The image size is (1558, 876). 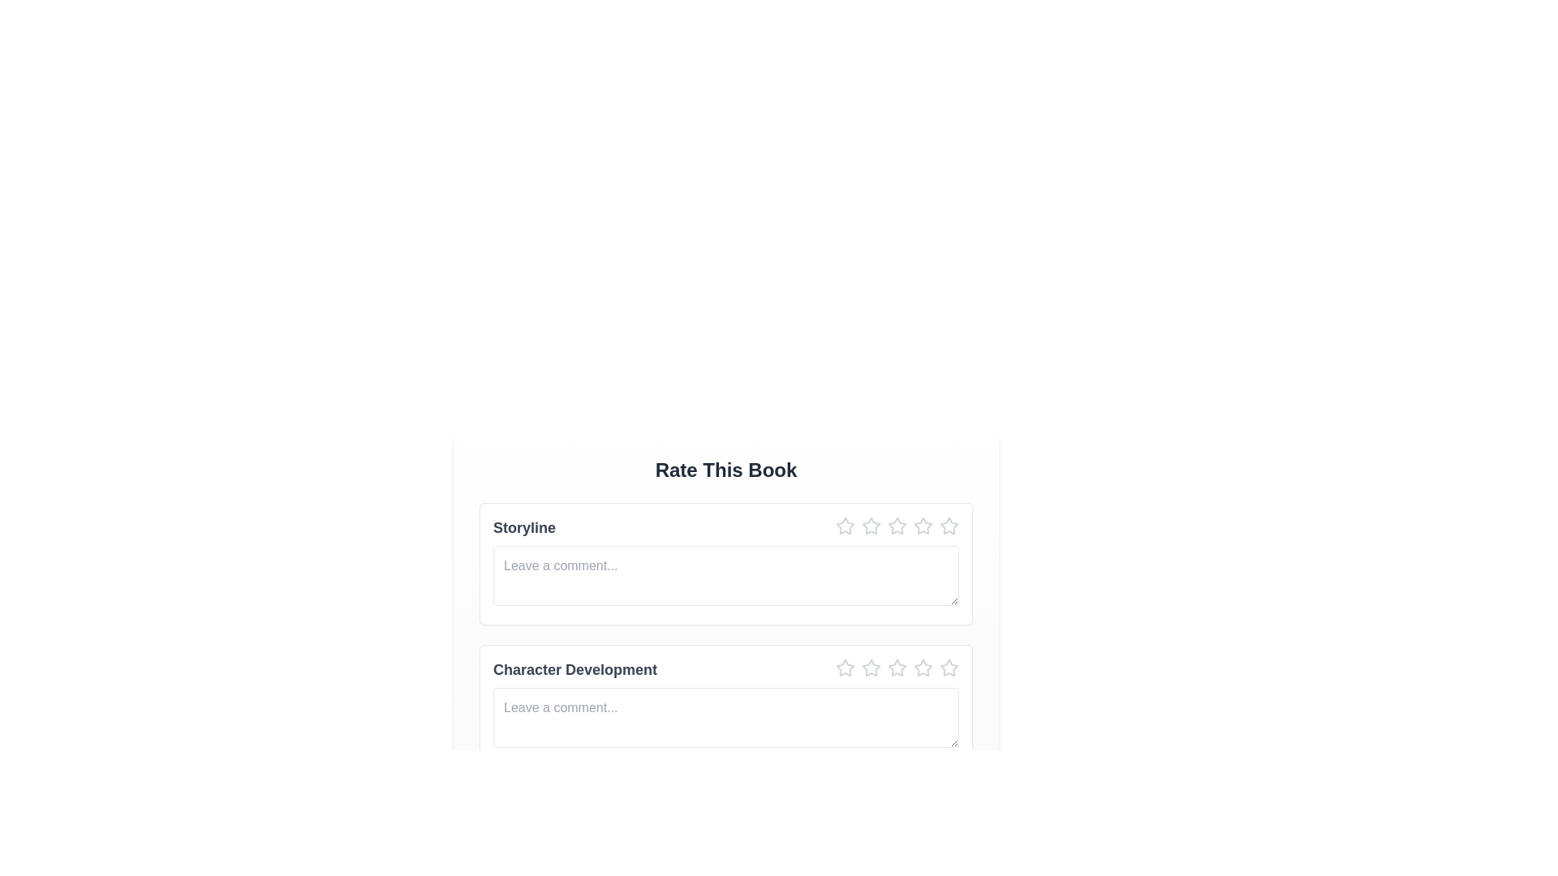 I want to click on the fifth star in the rating system under the 'Storyline' section, so click(x=949, y=526).